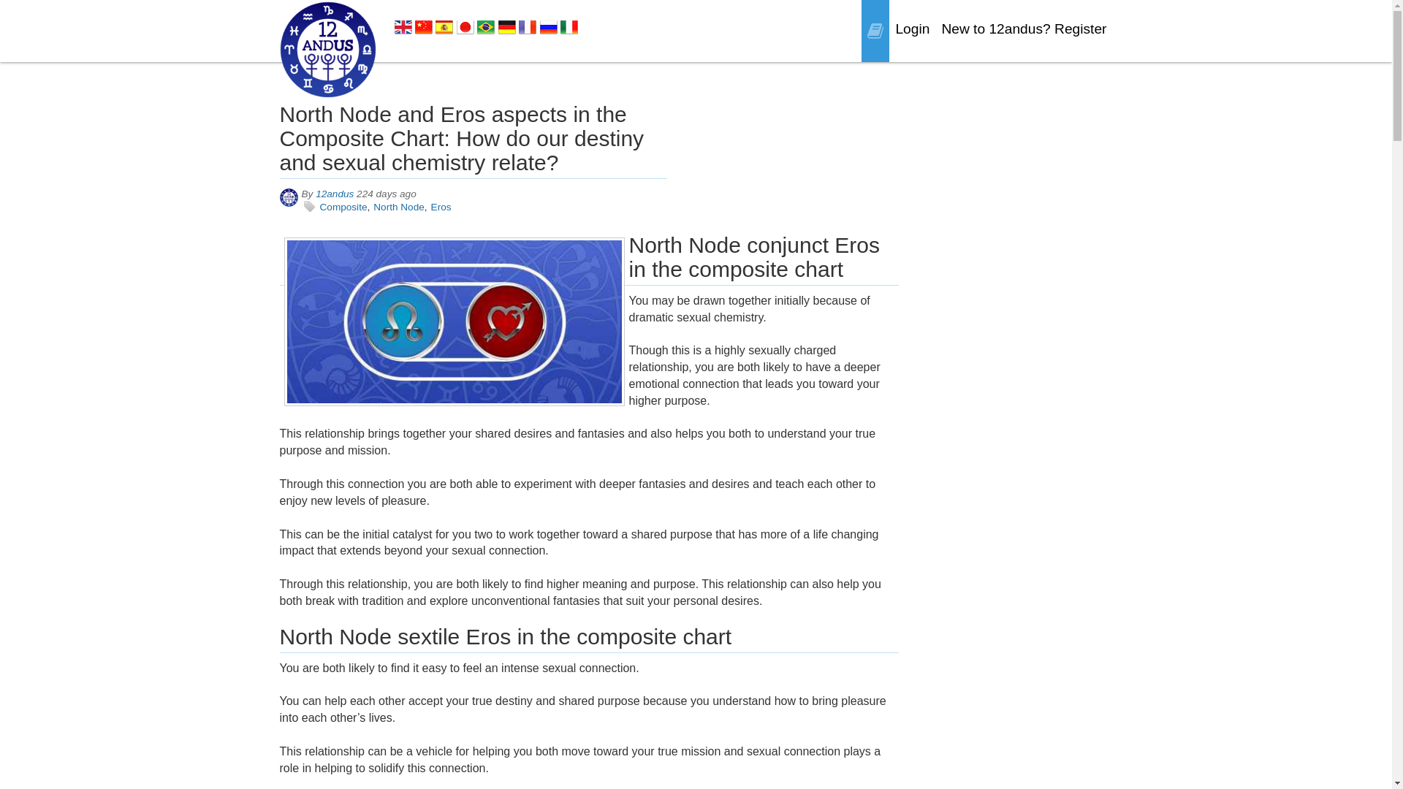 This screenshot has height=789, width=1403. I want to click on 'Chinese', so click(414, 26).